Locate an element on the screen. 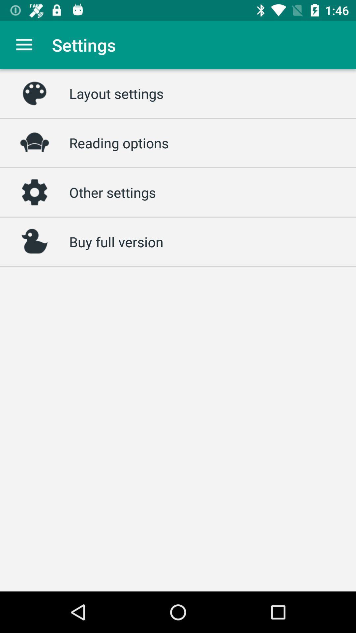 The height and width of the screenshot is (633, 356). the icon above the reading options is located at coordinates (116, 93).